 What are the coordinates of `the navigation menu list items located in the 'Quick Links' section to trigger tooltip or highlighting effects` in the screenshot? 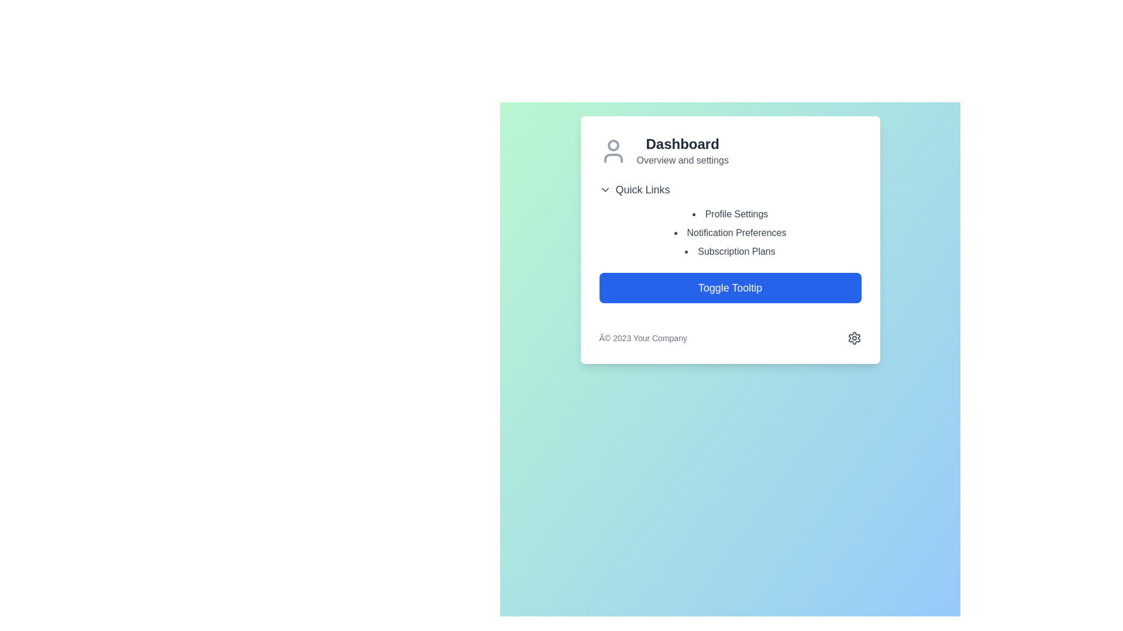 It's located at (729, 233).